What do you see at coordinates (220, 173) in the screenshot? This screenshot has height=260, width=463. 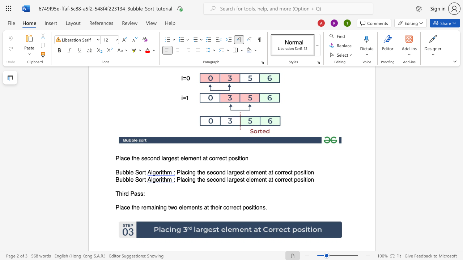 I see `the 2th character "n" in the text` at bounding box center [220, 173].